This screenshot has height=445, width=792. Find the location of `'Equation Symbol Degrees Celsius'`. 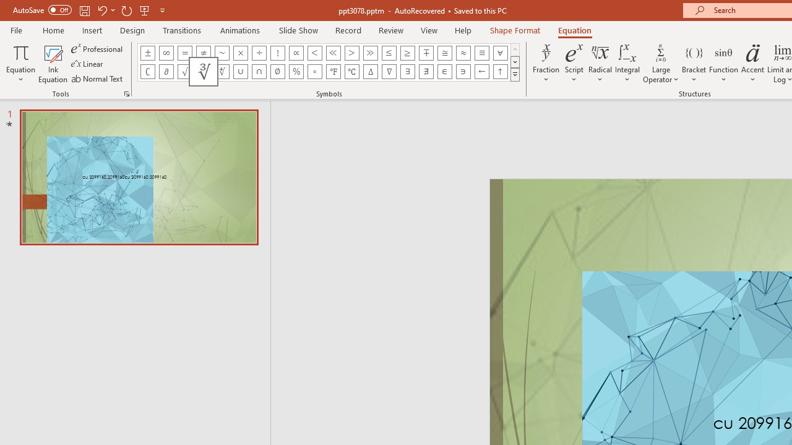

'Equation Symbol Degrees Celsius' is located at coordinates (351, 71).